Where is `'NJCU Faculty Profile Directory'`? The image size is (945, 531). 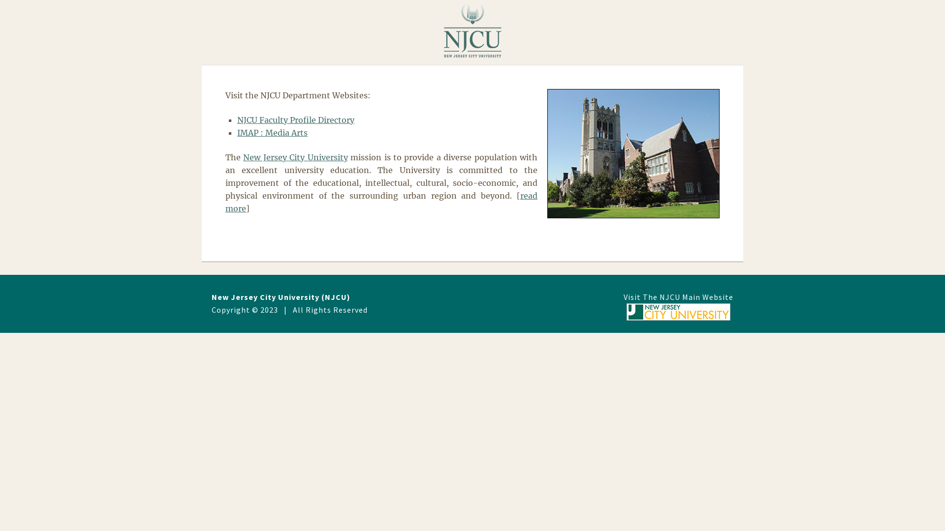
'NJCU Faculty Profile Directory' is located at coordinates (295, 119).